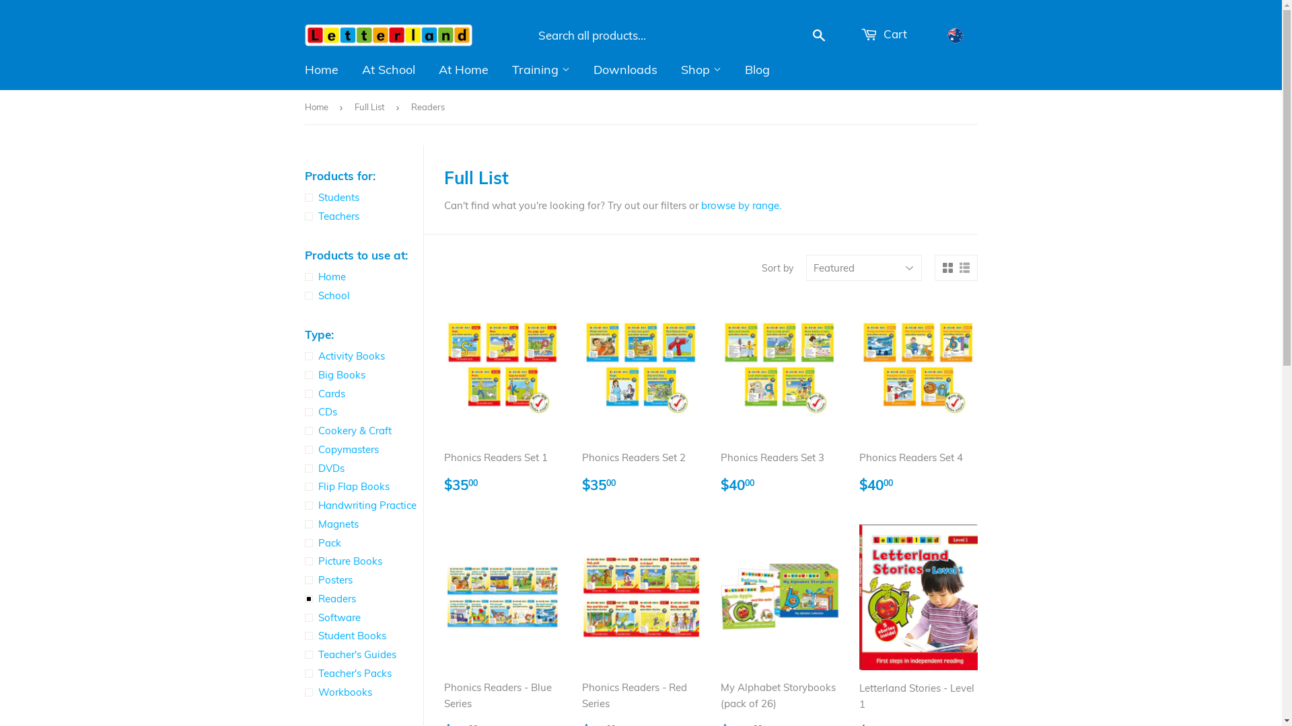 Image resolution: width=1292 pixels, height=726 pixels. I want to click on 'Workbooks', so click(303, 692).